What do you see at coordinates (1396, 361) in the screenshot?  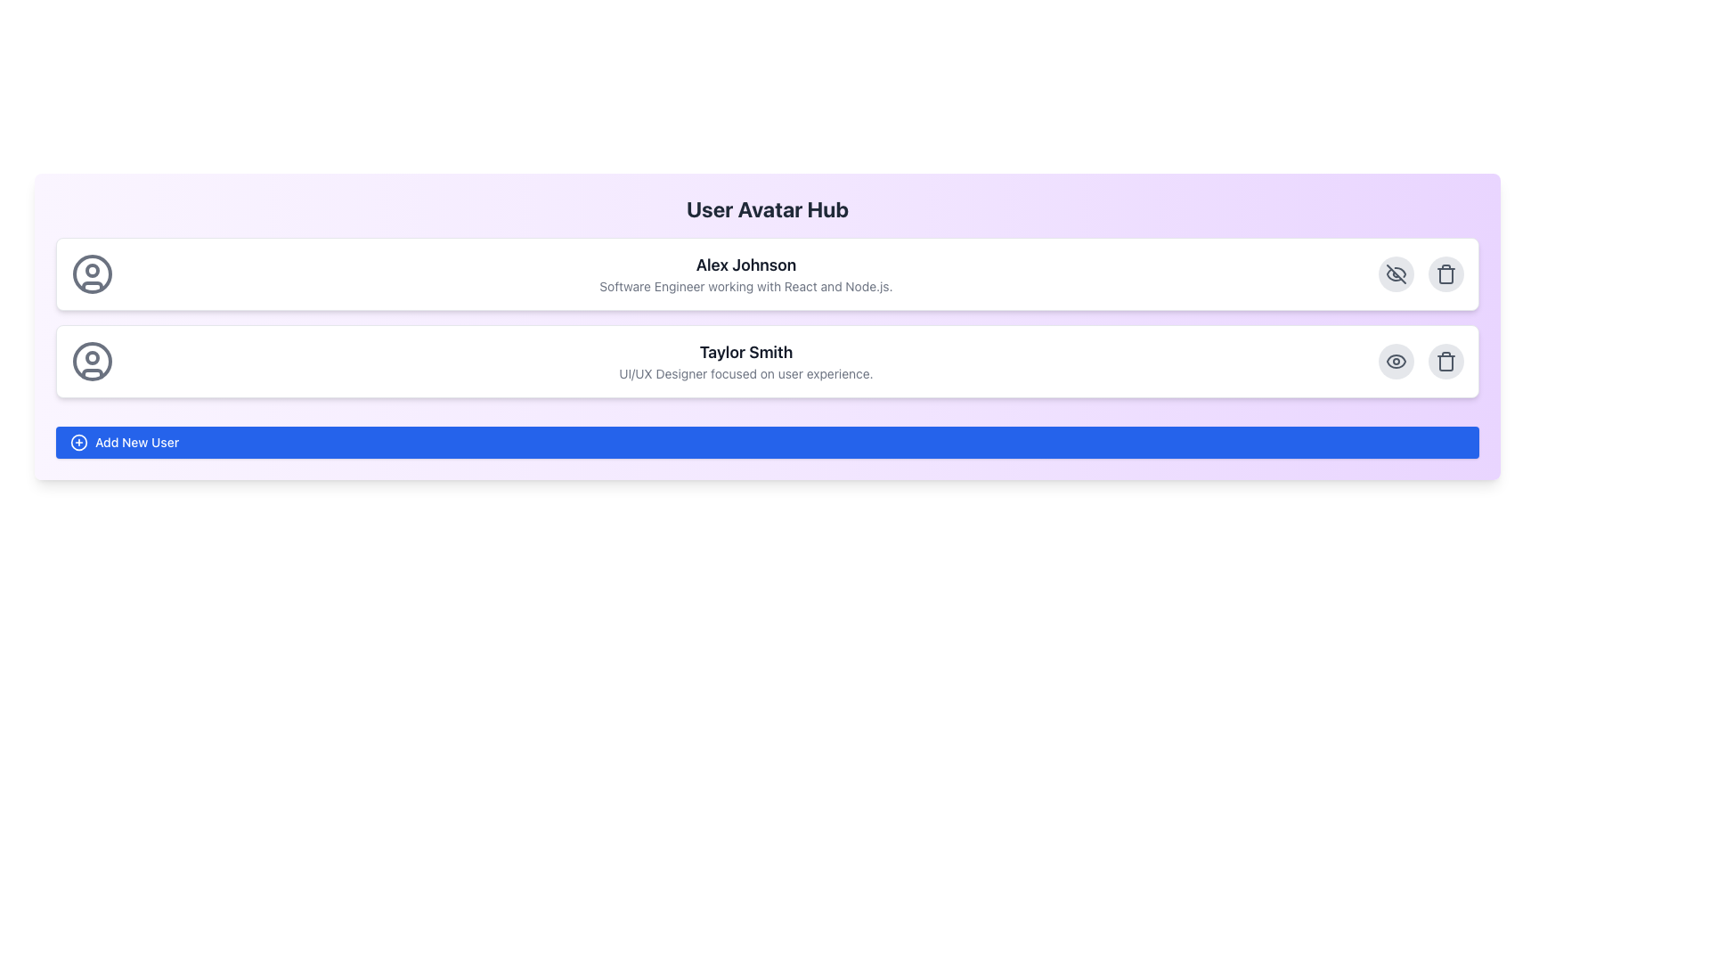 I see `the circular button with a light gray background and an eye icon at the center, located in the top-right corner of the card for 'Taylor Smith'` at bounding box center [1396, 361].